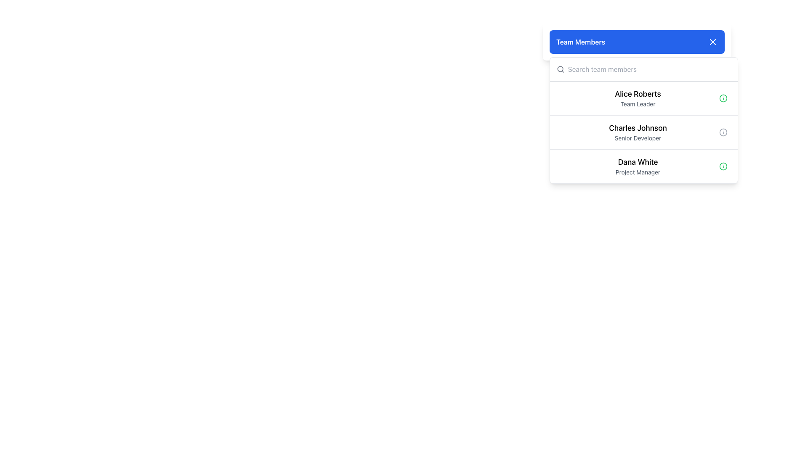 The image size is (808, 454). Describe the element at coordinates (638, 94) in the screenshot. I see `the text label displaying 'Alice Roberts', which is emphasized as a header under 'Team Members'` at that location.